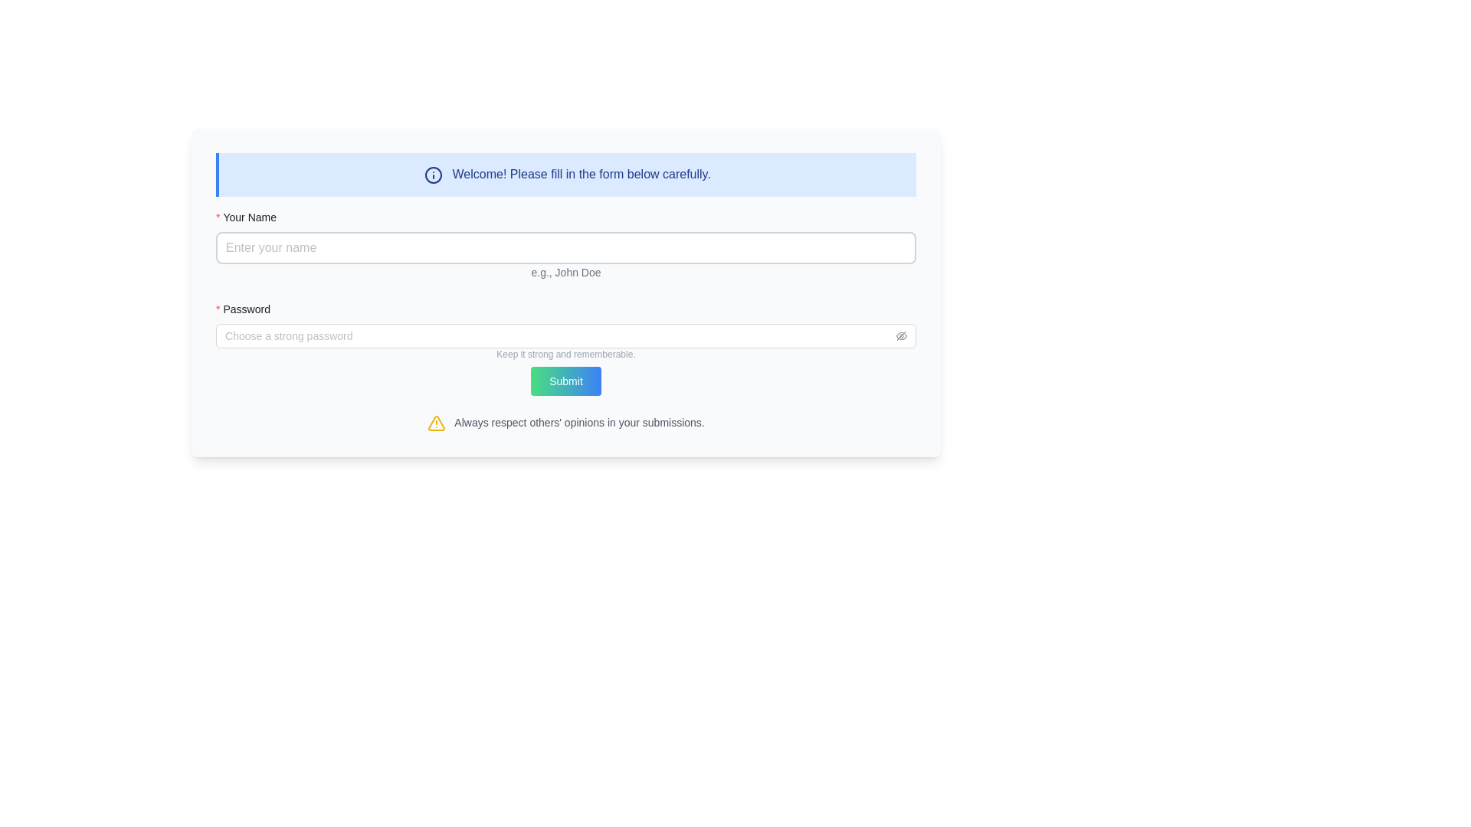 The height and width of the screenshot is (827, 1471). Describe the element at coordinates (248, 309) in the screenshot. I see `the 'Password' label, which is a bold black text followed by a red asterisk, indicating it is a required field, positioned above the password input field` at that location.